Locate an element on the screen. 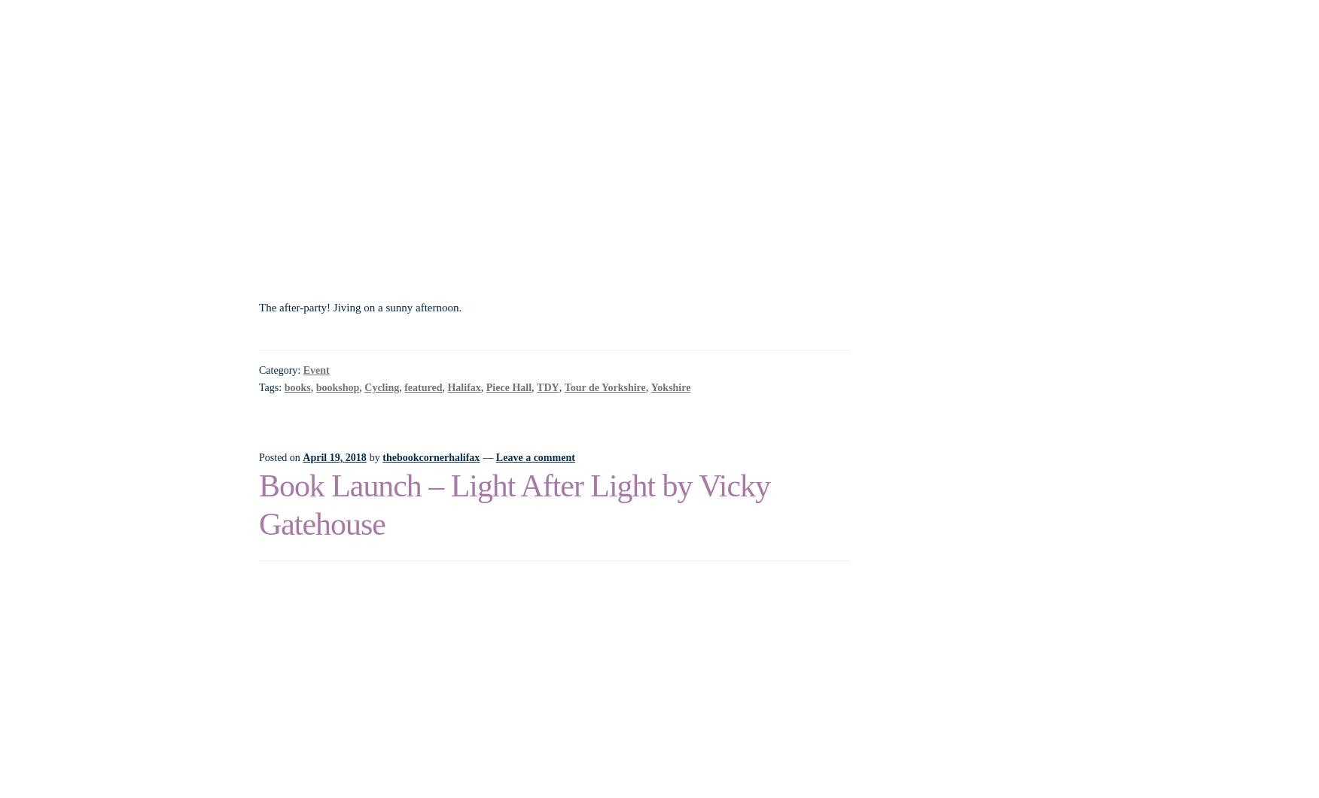  'The after-party! Jiving on a sunny afternoon.' is located at coordinates (258, 306).